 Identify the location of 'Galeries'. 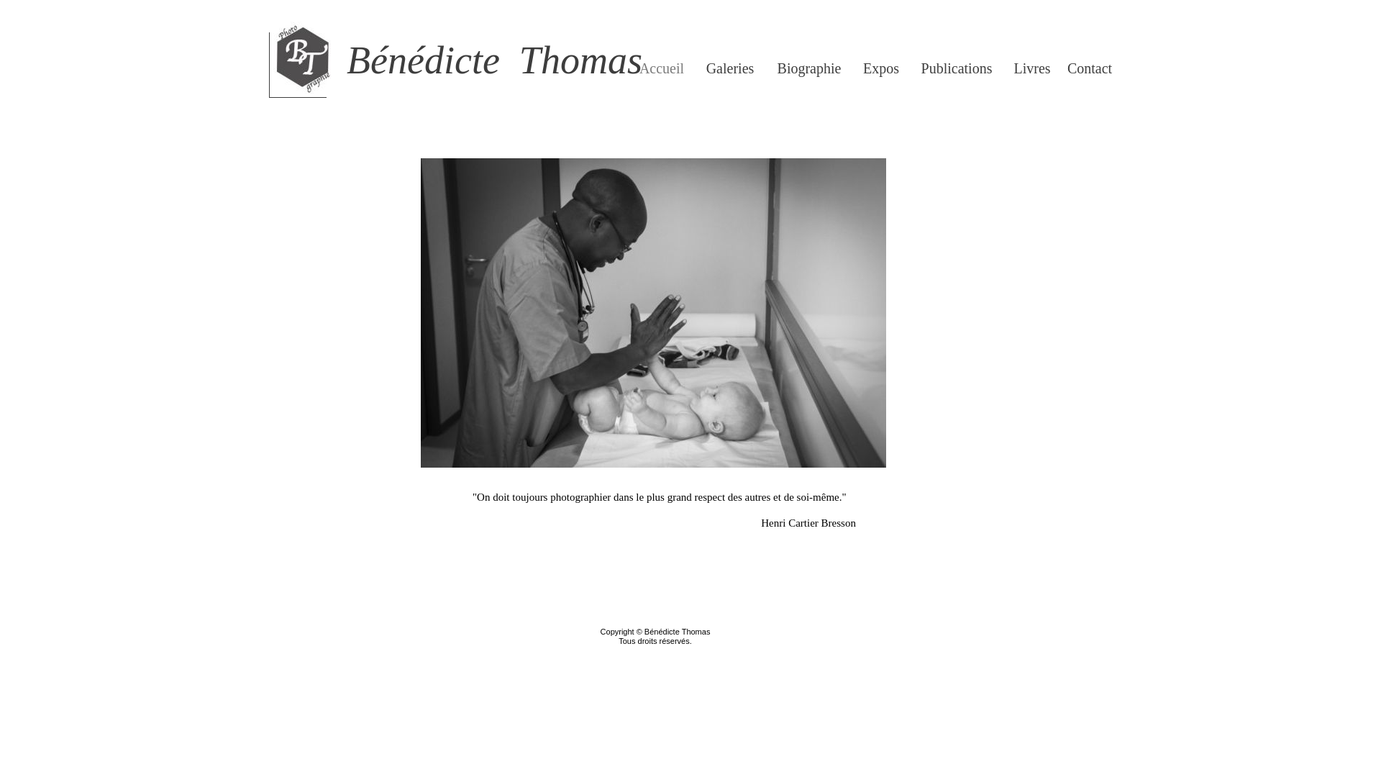
(730, 68).